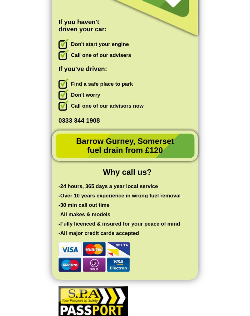 This screenshot has height=316, width=250. Describe the element at coordinates (107, 106) in the screenshot. I see `'Call one of our advisors now'` at that location.